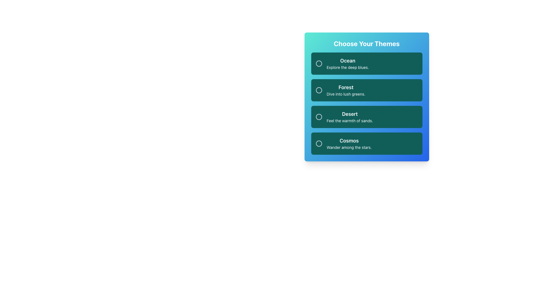 The image size is (534, 300). Describe the element at coordinates (347, 63) in the screenshot. I see `the first option in the 'Choose Your Themes' list, which features the bold text 'Ocean' and the phrase 'Explore the deep blues.'` at that location.